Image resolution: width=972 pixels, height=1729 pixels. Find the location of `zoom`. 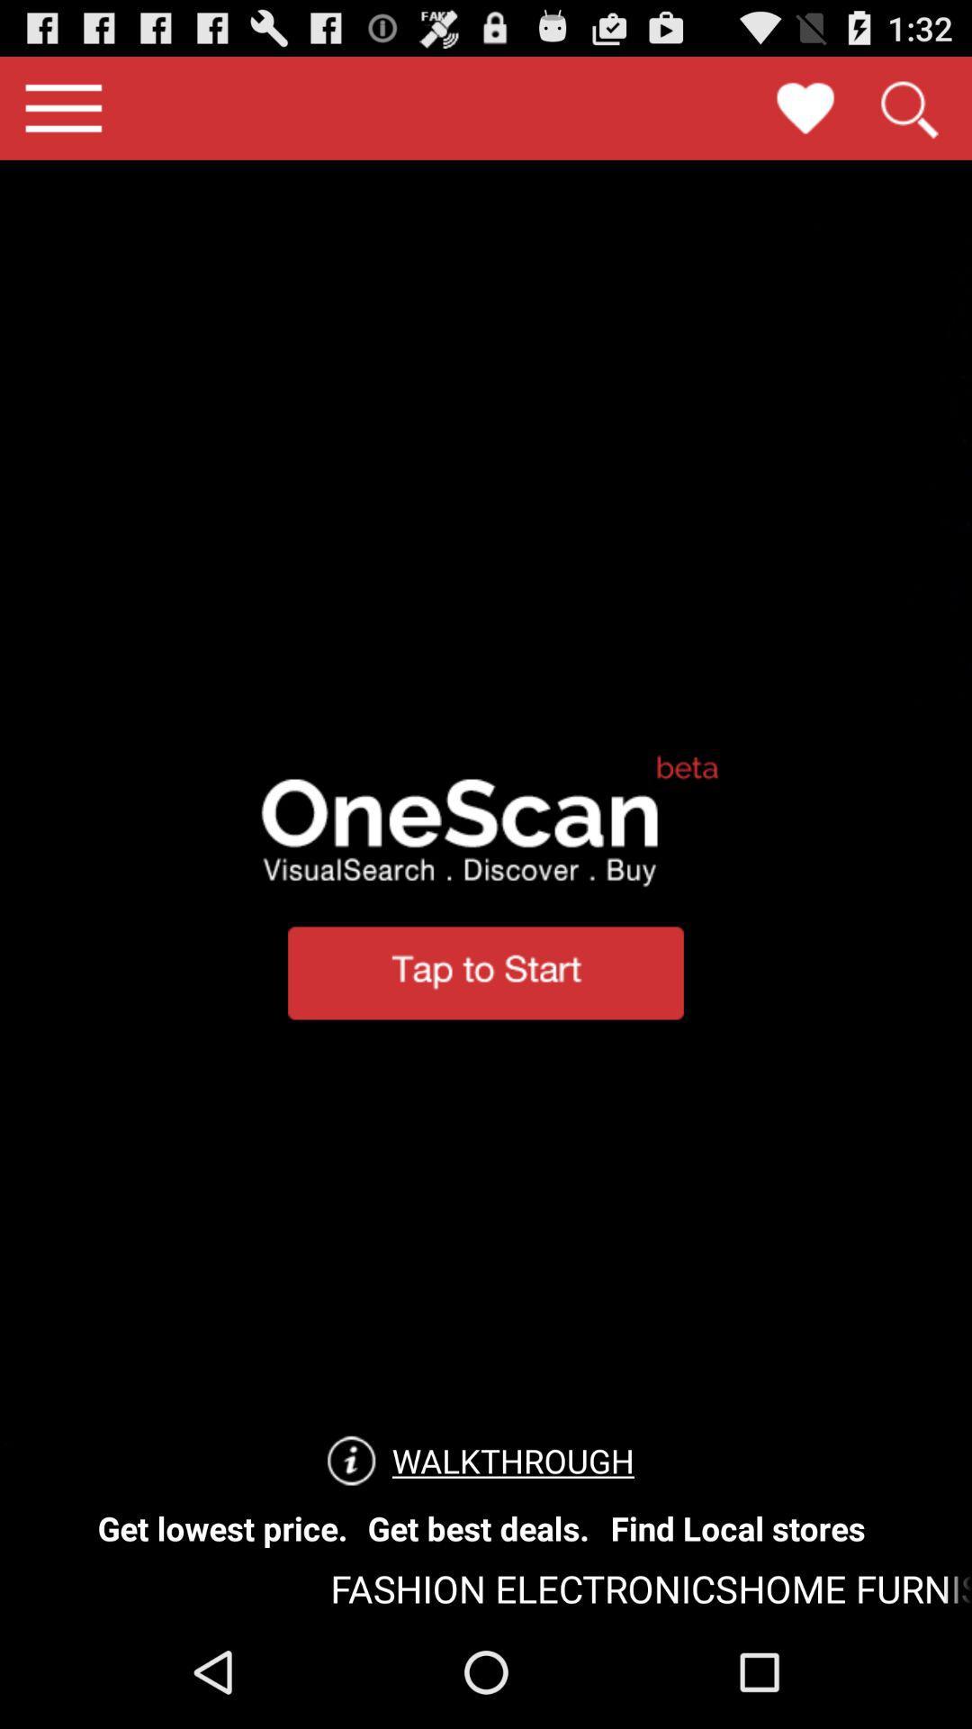

zoom is located at coordinates (908, 107).